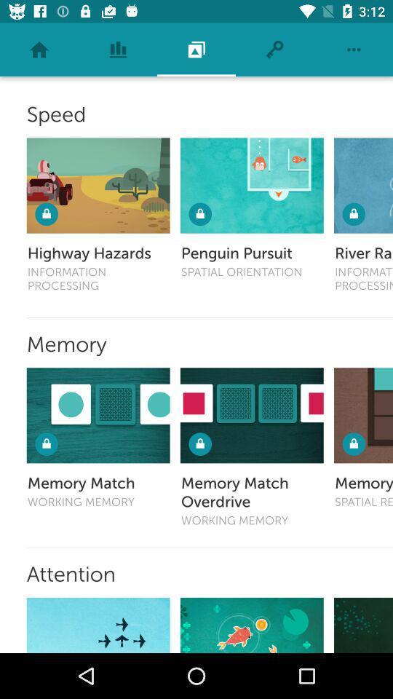 This screenshot has width=393, height=699. I want to click on memory match overdrive, so click(251, 415).